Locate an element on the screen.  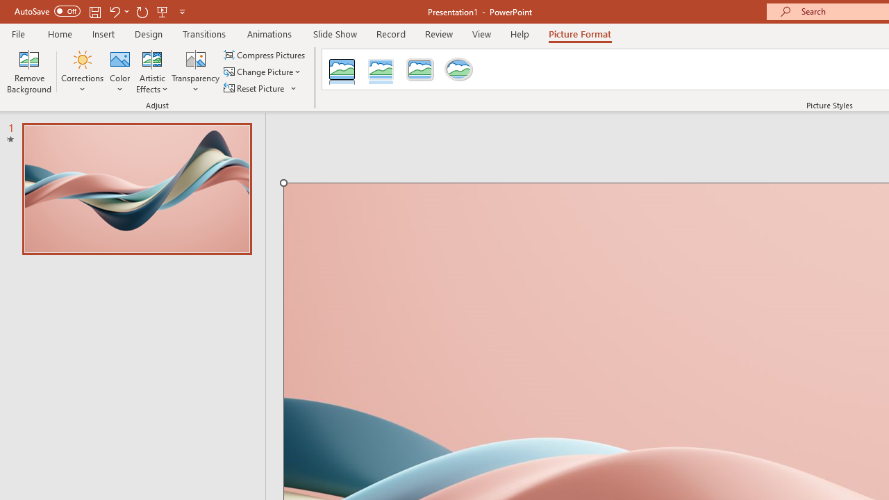
'Reset Picture' is located at coordinates (255, 88).